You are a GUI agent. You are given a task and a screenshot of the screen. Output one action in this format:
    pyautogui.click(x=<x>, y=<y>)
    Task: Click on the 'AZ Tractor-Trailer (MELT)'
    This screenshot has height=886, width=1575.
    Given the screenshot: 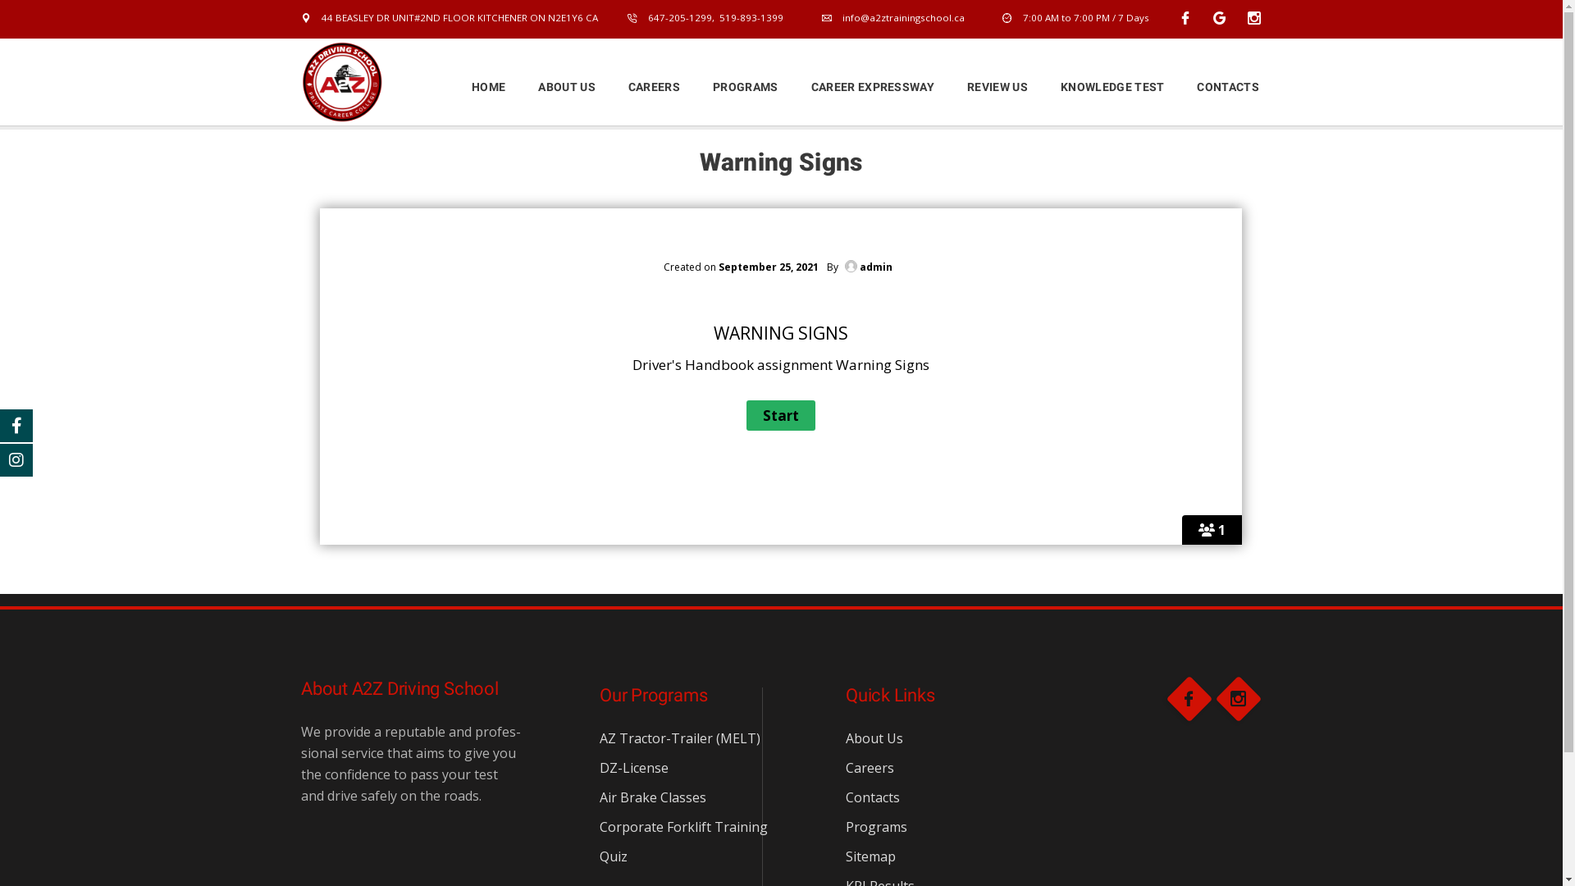 What is the action you would take?
    pyautogui.click(x=598, y=737)
    